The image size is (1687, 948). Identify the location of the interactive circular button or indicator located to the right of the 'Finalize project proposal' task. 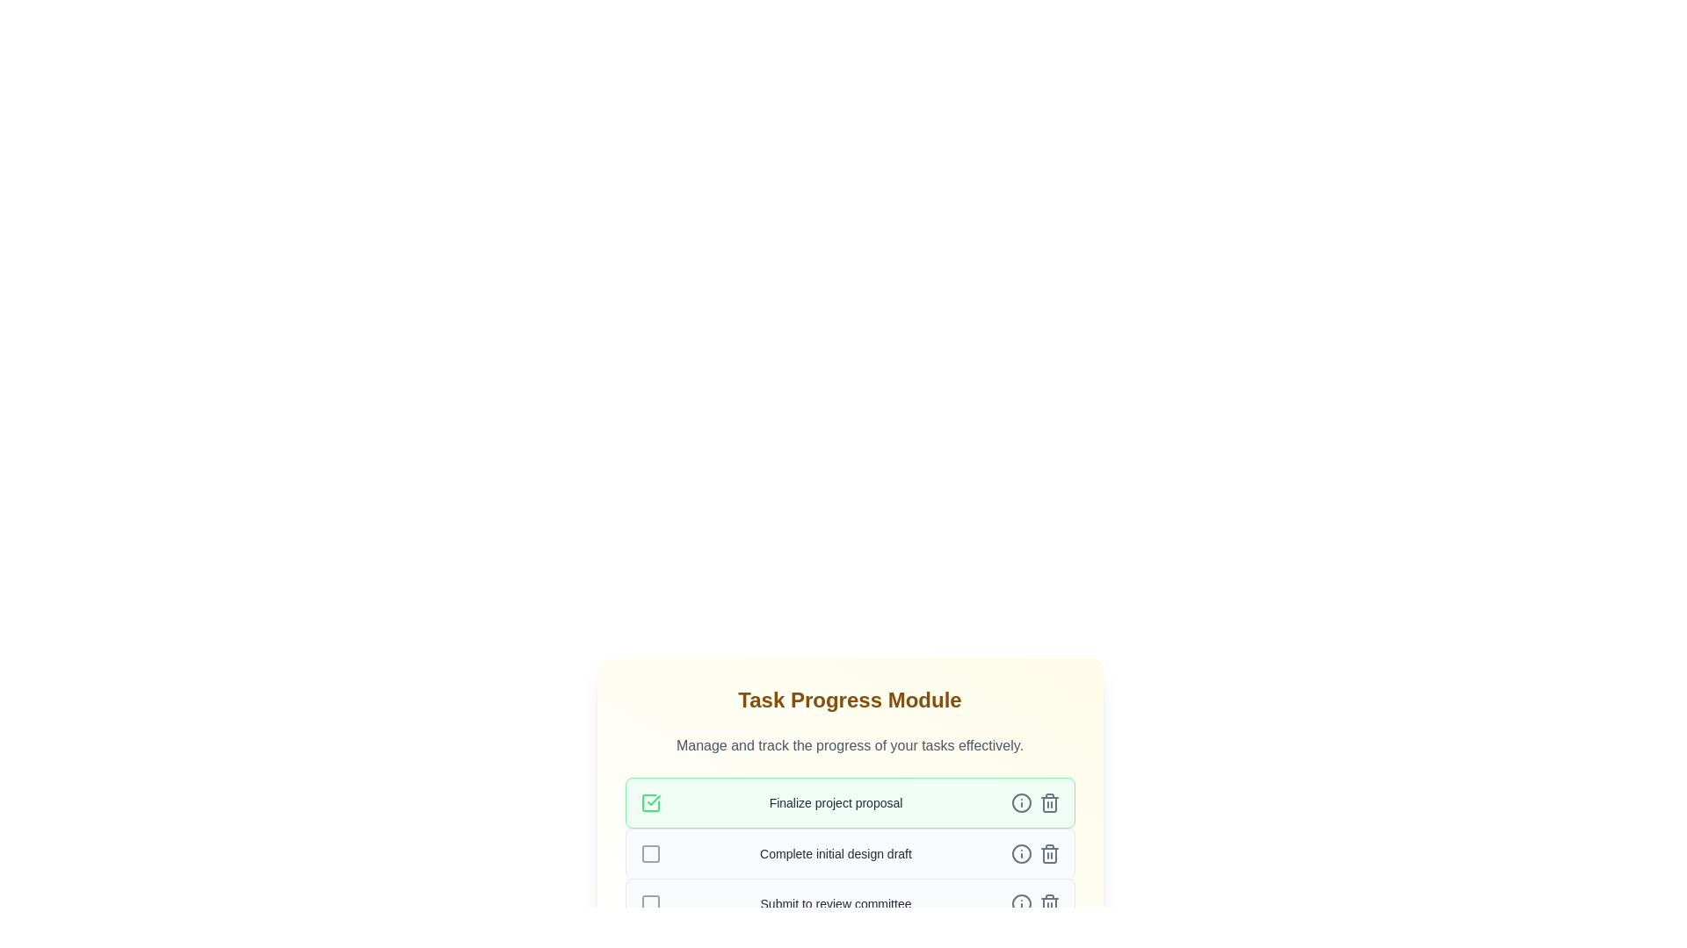
(1021, 802).